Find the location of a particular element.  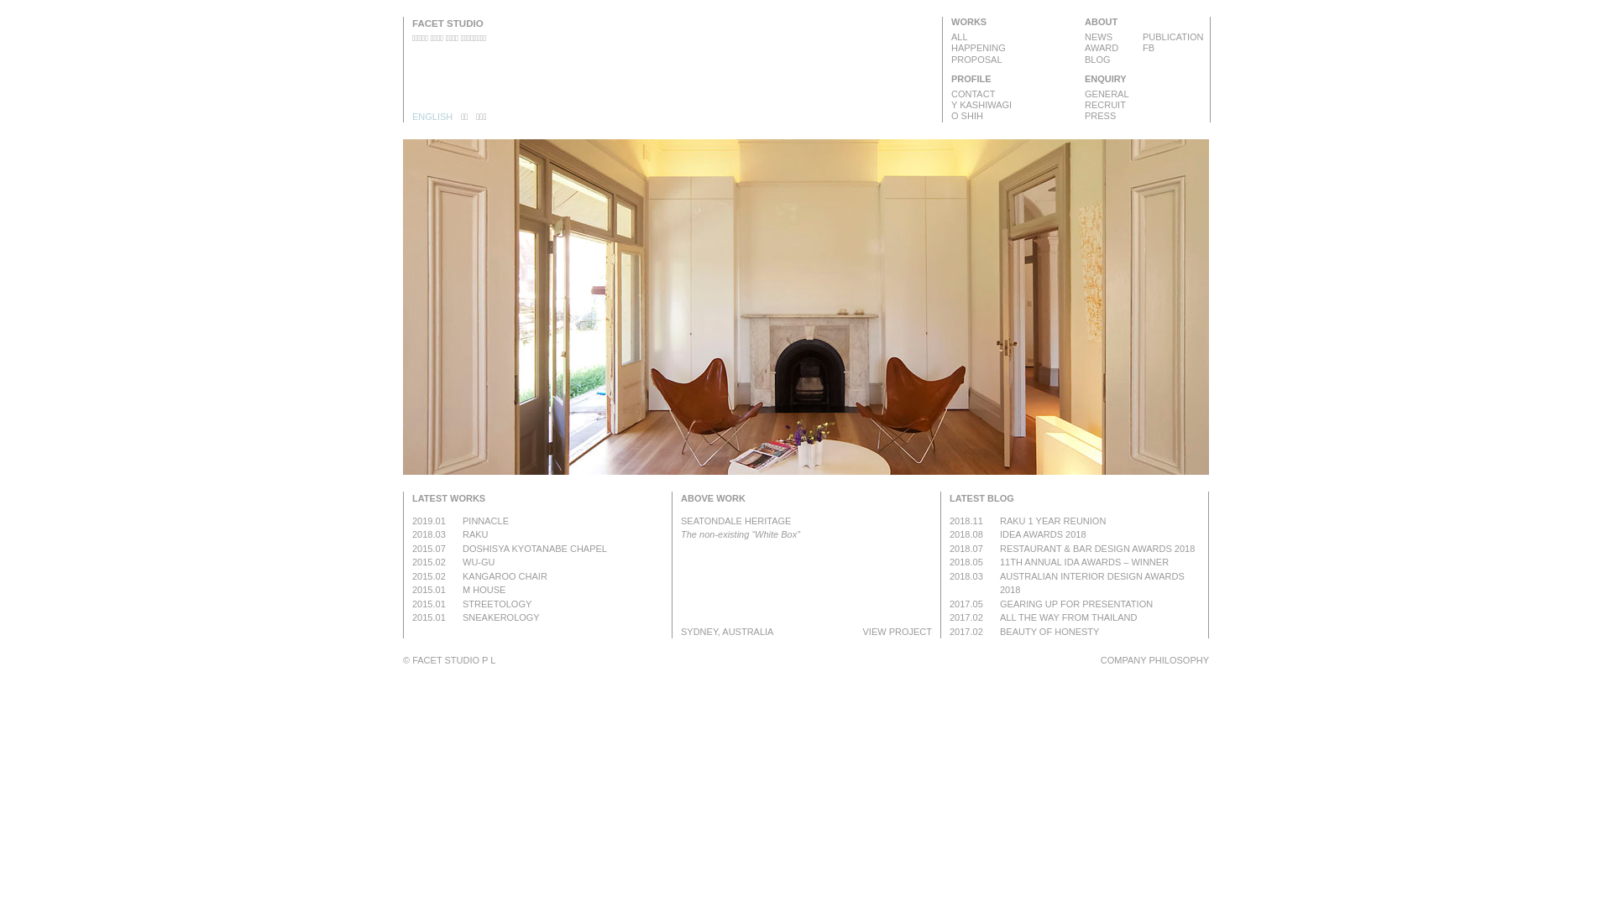

'CONTACT' is located at coordinates (950, 94).